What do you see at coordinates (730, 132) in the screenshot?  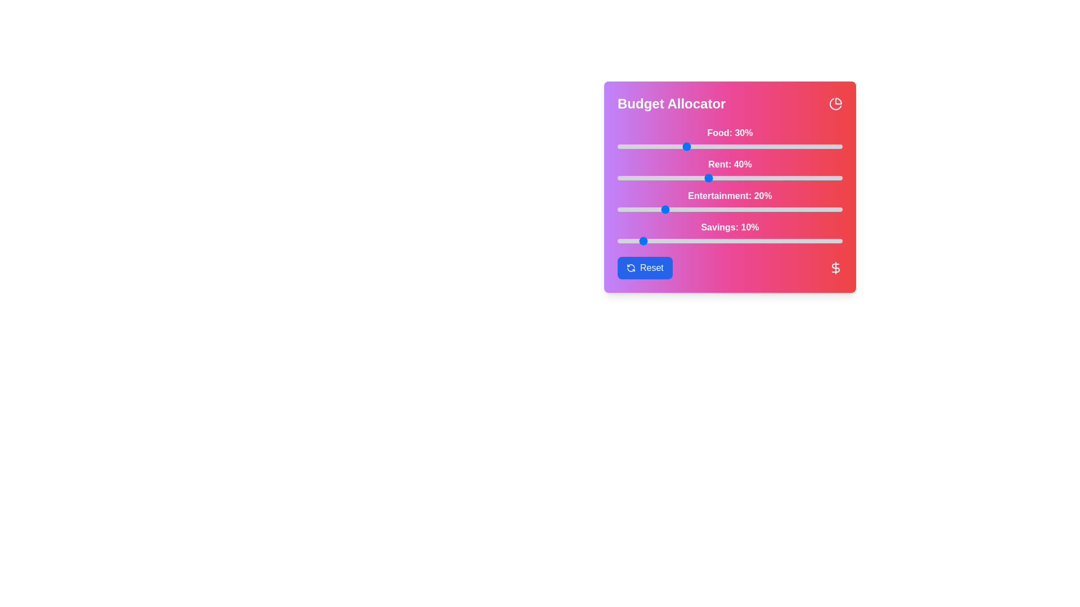 I see `the Text Label indicating the budget allocation percentage for the category 'Food', which displays 'Food: 30%' and is located above the associated slider in the 'Budget Allocator' box` at bounding box center [730, 132].